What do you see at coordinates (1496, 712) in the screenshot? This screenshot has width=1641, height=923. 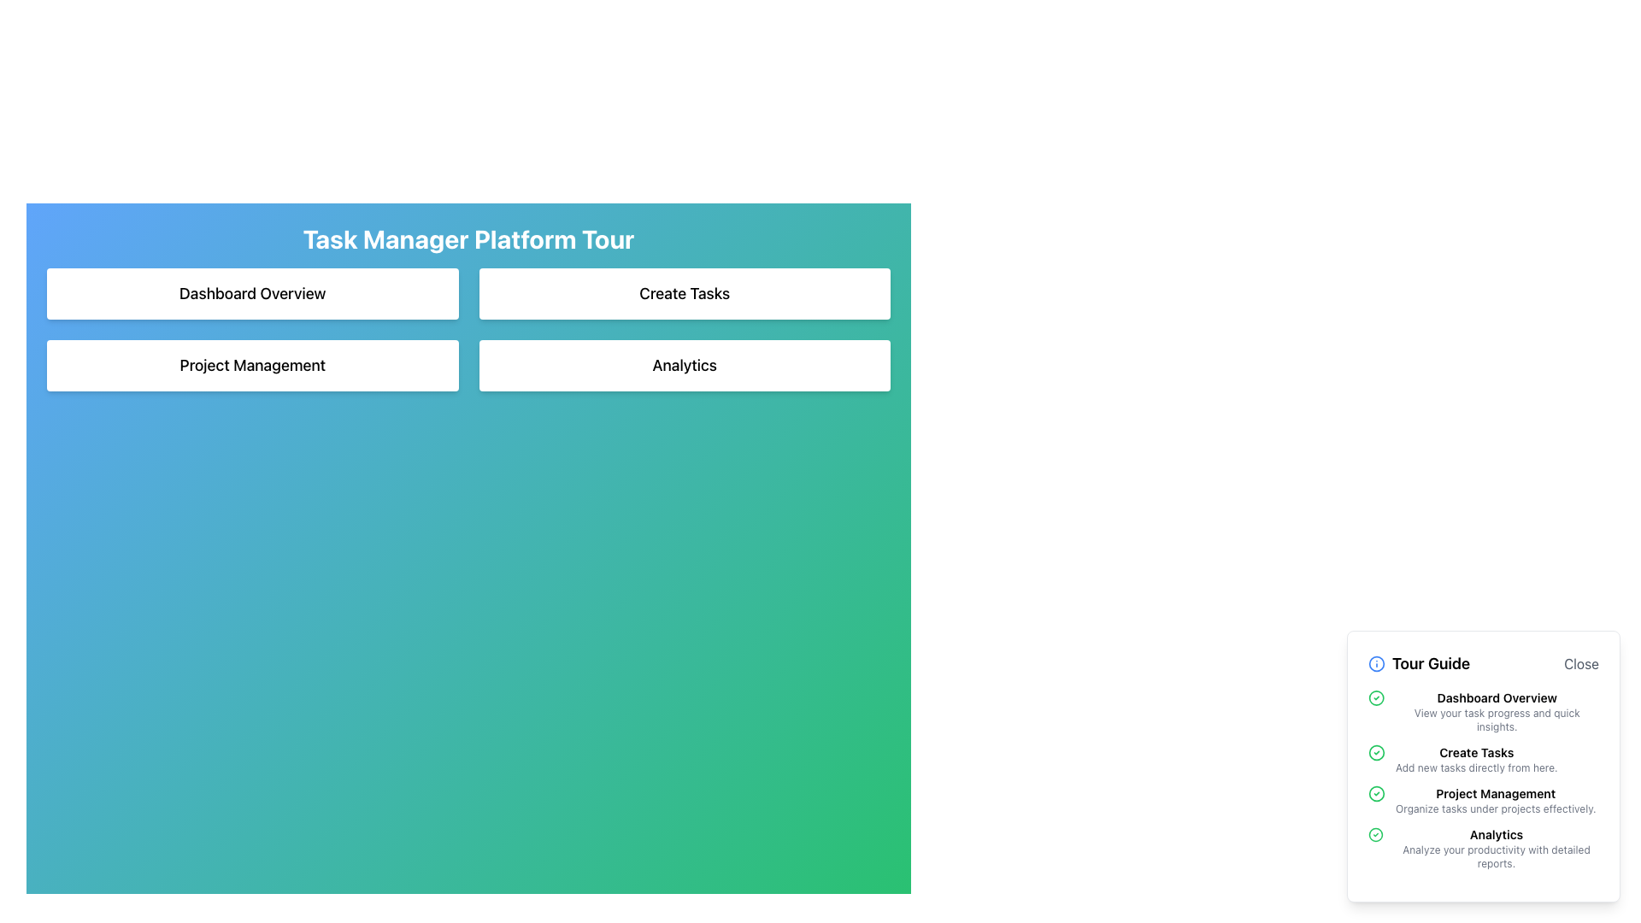 I see `'Dashboard Overview' informational text element located in the 'Tour Guide' section, positioned as the first item in the list` at bounding box center [1496, 712].